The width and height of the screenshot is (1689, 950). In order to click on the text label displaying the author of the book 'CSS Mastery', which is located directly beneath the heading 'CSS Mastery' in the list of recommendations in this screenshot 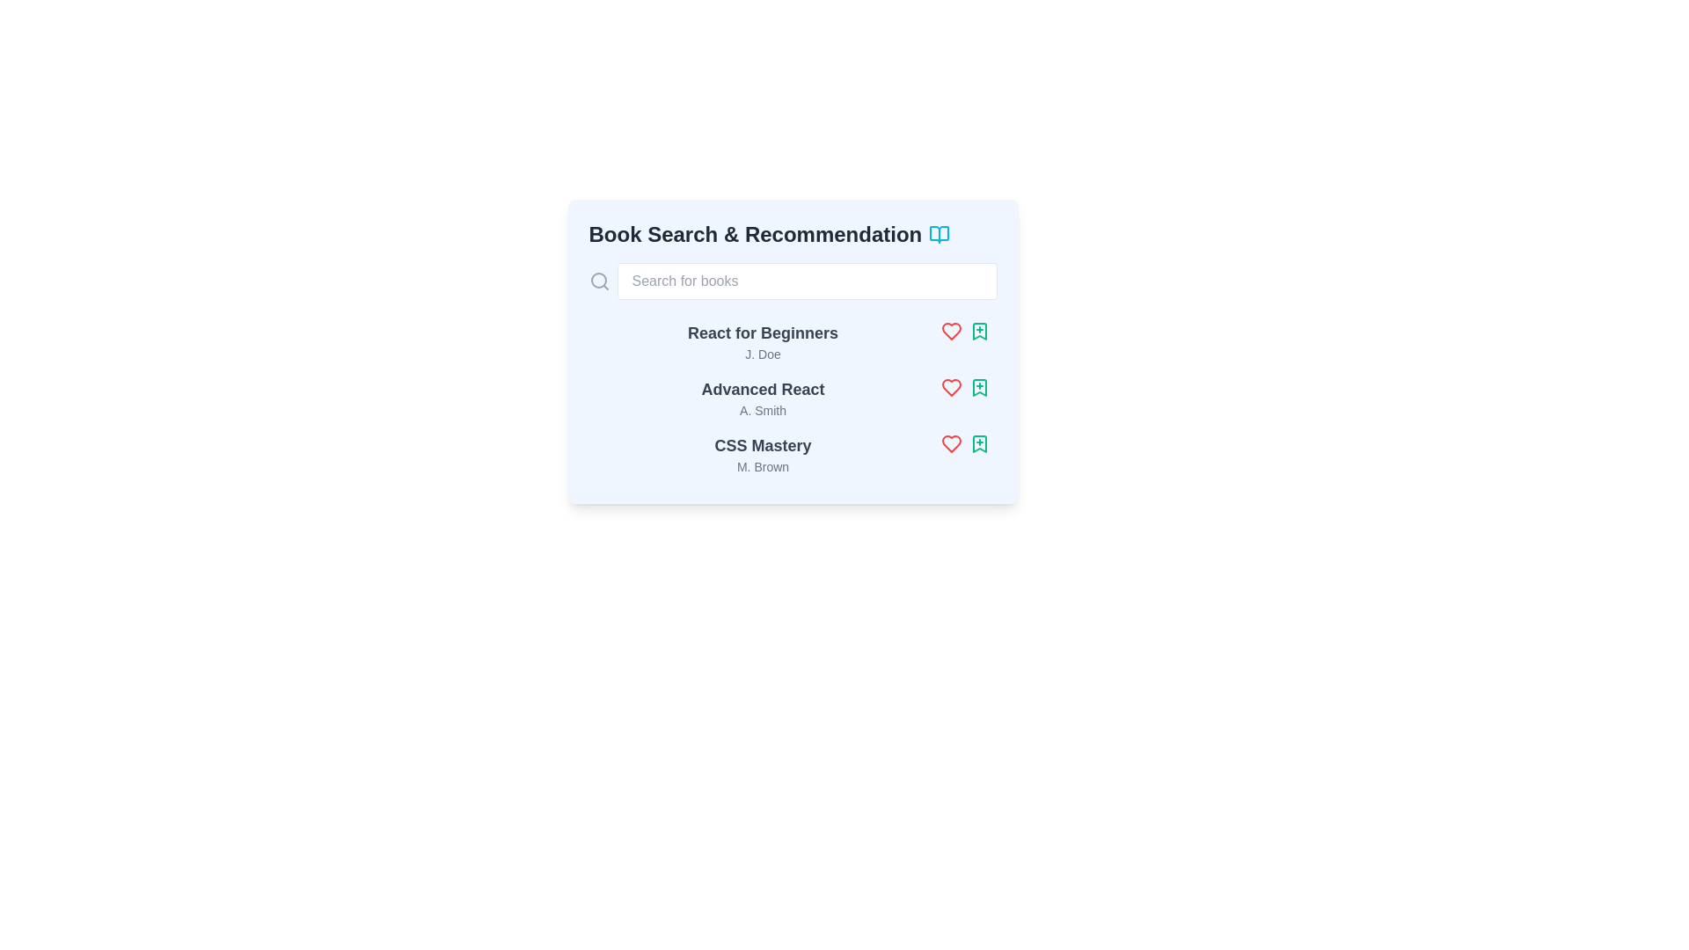, I will do `click(763, 466)`.